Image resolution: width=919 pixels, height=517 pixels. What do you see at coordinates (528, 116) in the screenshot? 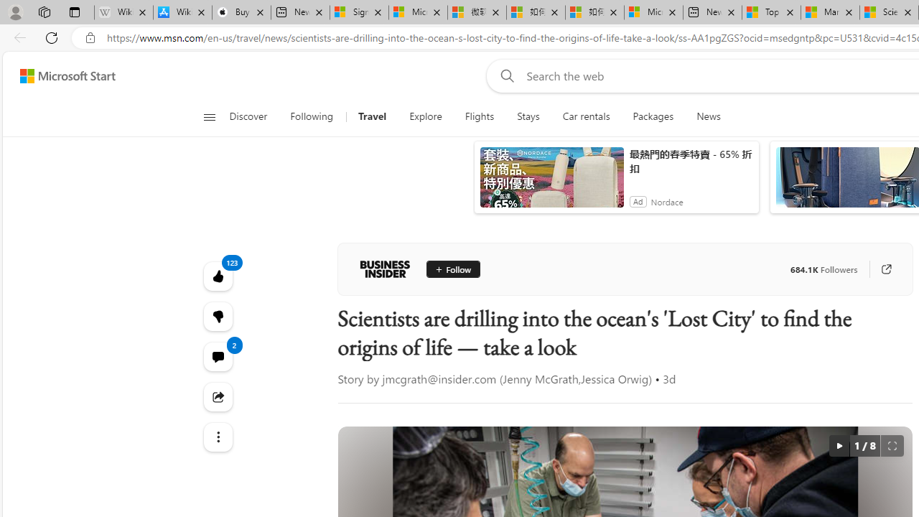
I see `'Stays'` at bounding box center [528, 116].